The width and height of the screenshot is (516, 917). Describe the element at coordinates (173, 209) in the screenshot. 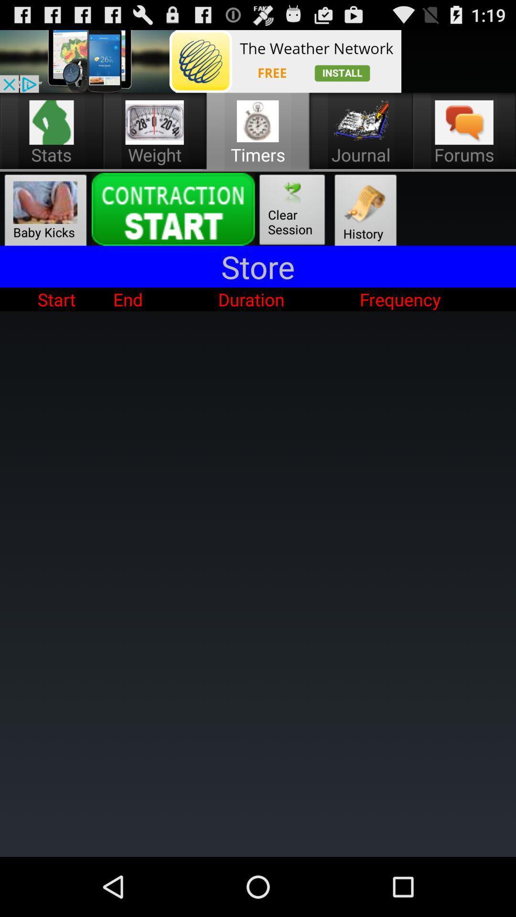

I see `click the start contraction button` at that location.